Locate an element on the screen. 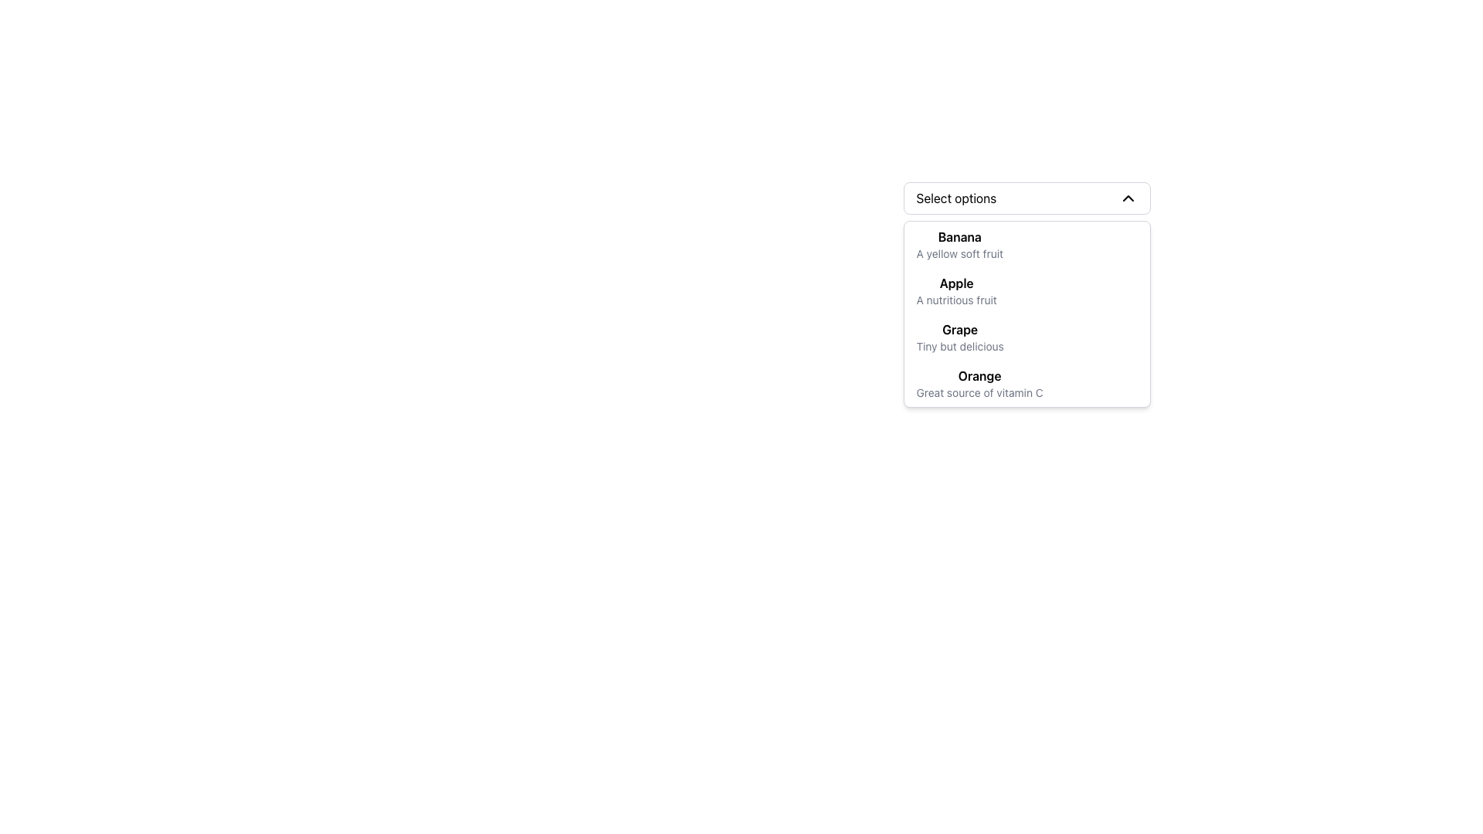  the first list item in the dropdown menu labeled 'Banana' is located at coordinates (1027, 243).